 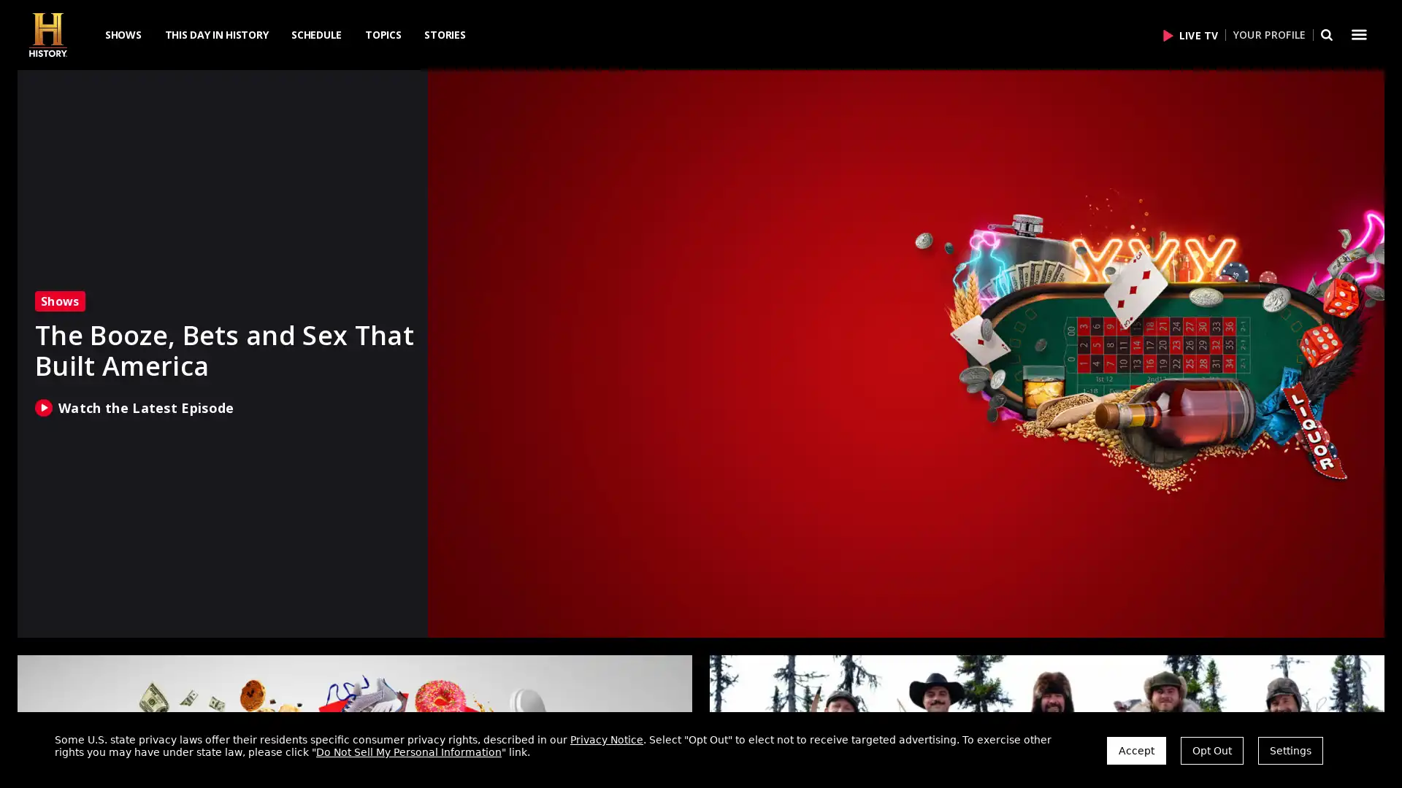 What do you see at coordinates (1325, 34) in the screenshot?
I see `Search` at bounding box center [1325, 34].